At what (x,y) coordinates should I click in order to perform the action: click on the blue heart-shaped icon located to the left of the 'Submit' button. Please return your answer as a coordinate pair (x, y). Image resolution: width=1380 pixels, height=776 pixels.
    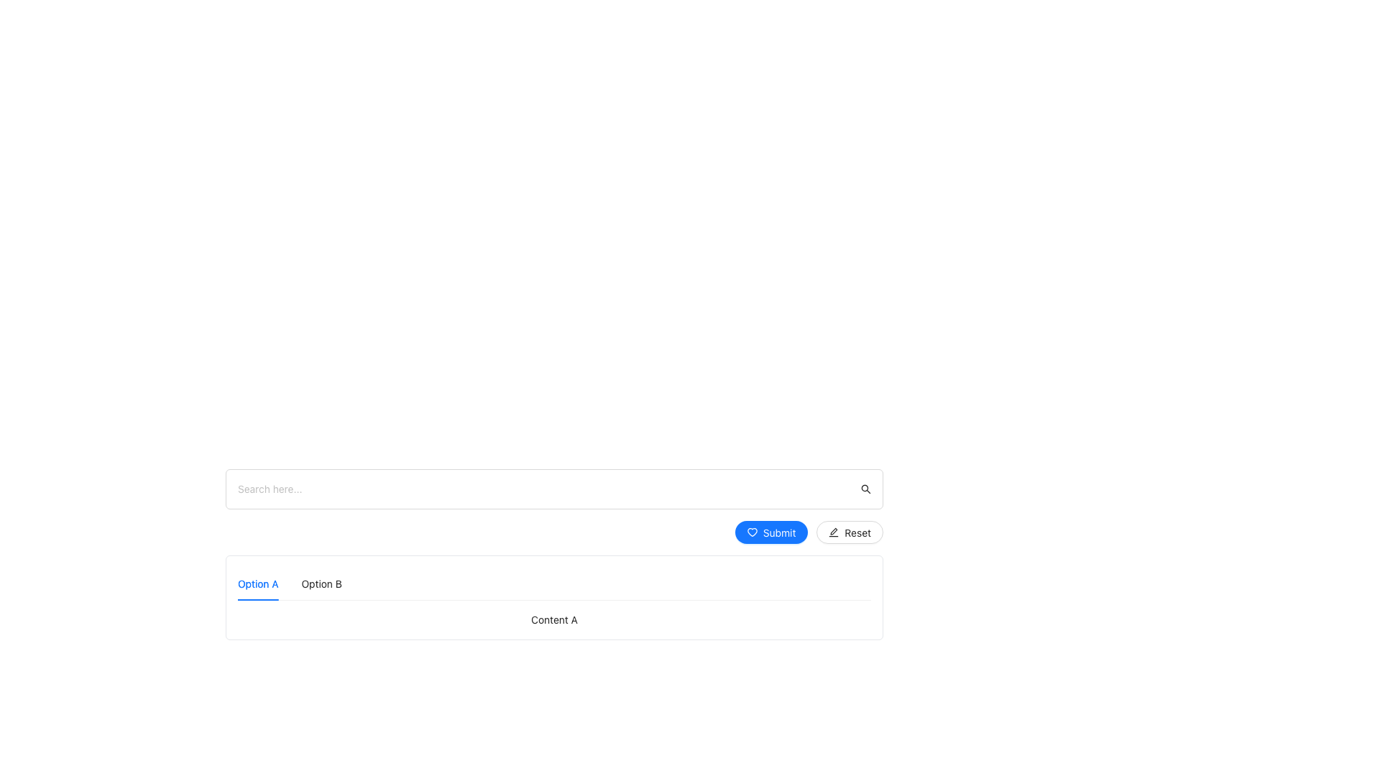
    Looking at the image, I should click on (751, 532).